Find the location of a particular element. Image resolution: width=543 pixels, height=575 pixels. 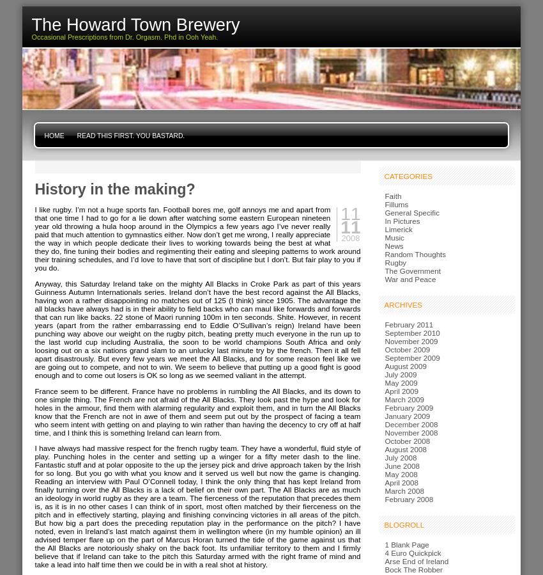

'October 2008' is located at coordinates (406, 440).